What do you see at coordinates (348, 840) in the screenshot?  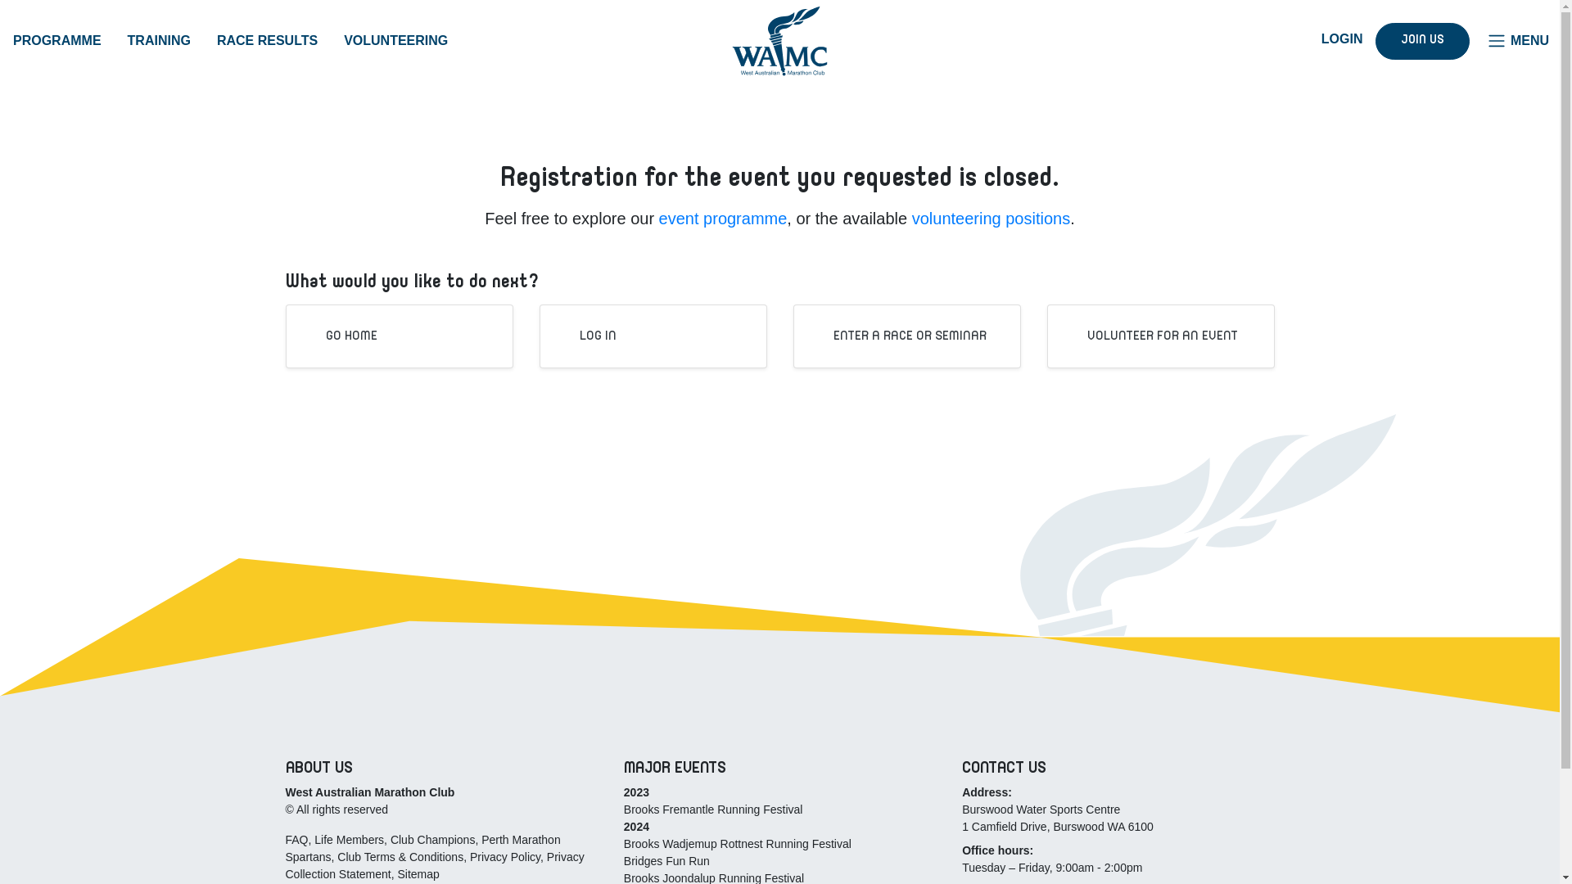 I see `'Life Members'` at bounding box center [348, 840].